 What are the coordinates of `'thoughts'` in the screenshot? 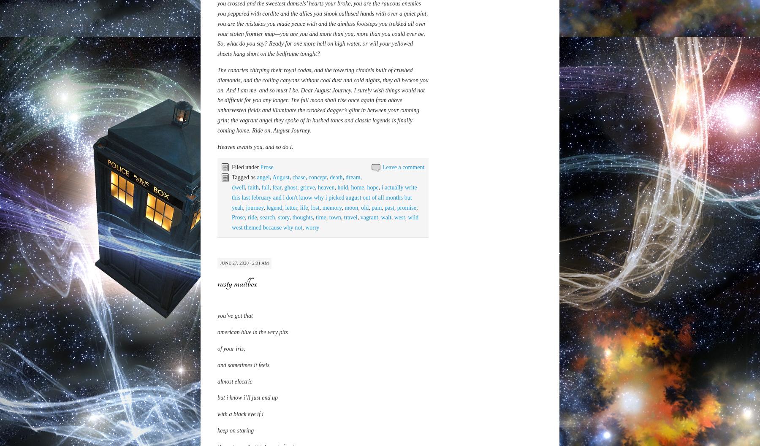 It's located at (302, 406).